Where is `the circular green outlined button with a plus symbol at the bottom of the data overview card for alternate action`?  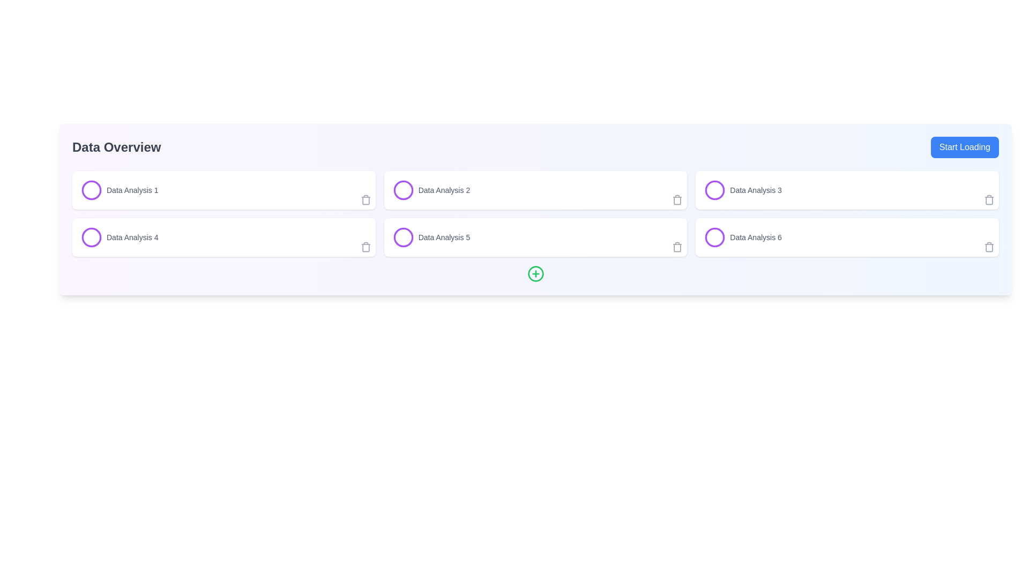 the circular green outlined button with a plus symbol at the bottom of the data overview card for alternate action is located at coordinates (535, 273).